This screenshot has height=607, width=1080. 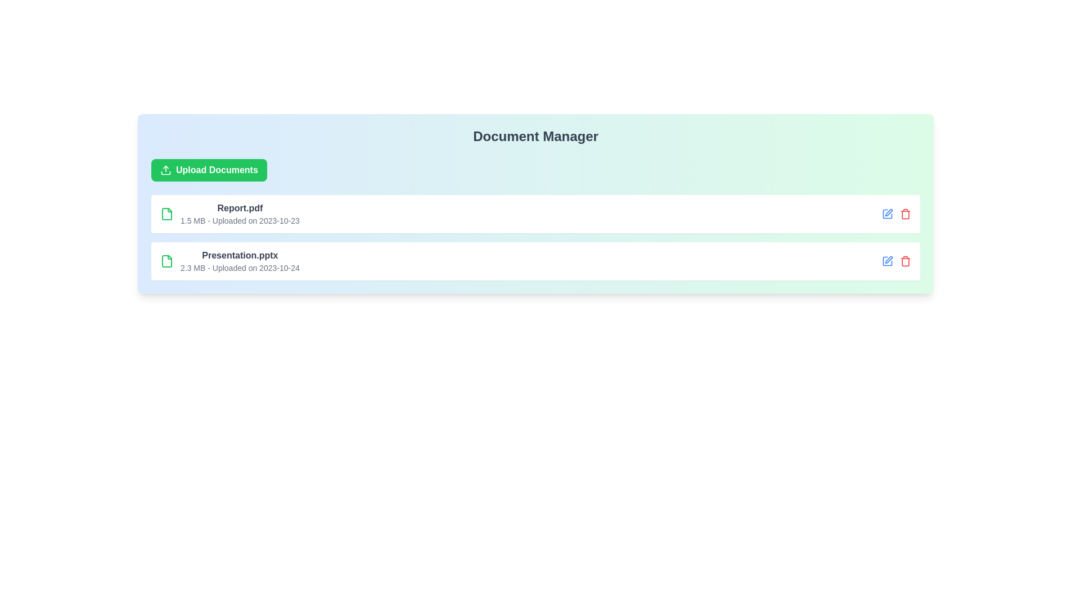 I want to click on the text label that displays the name of the uploaded file, which is located at the top-left corner of its card structure, so click(x=239, y=208).